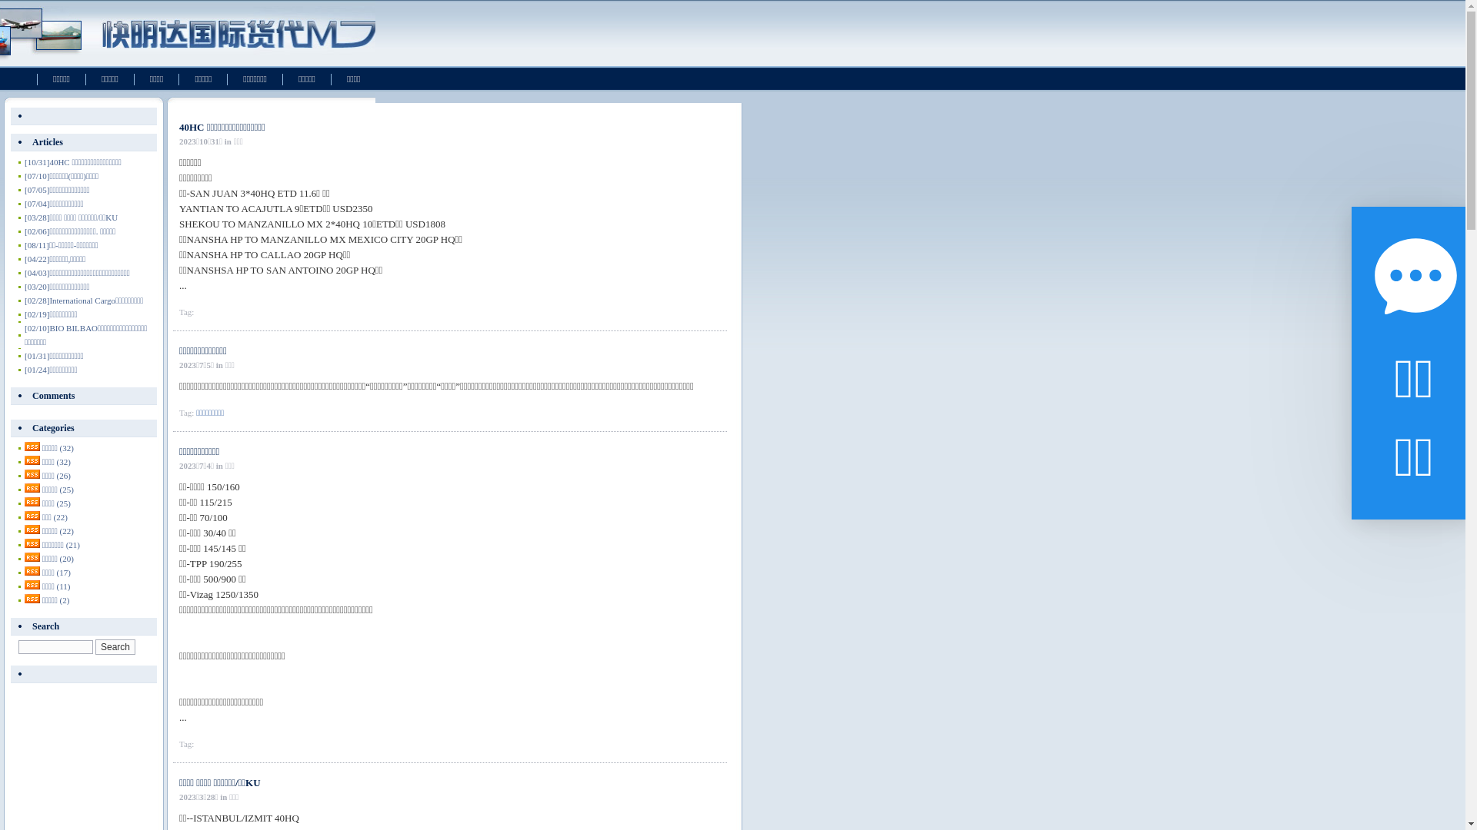 The width and height of the screenshot is (1477, 830). Describe the element at coordinates (83, 674) in the screenshot. I see `' '` at that location.